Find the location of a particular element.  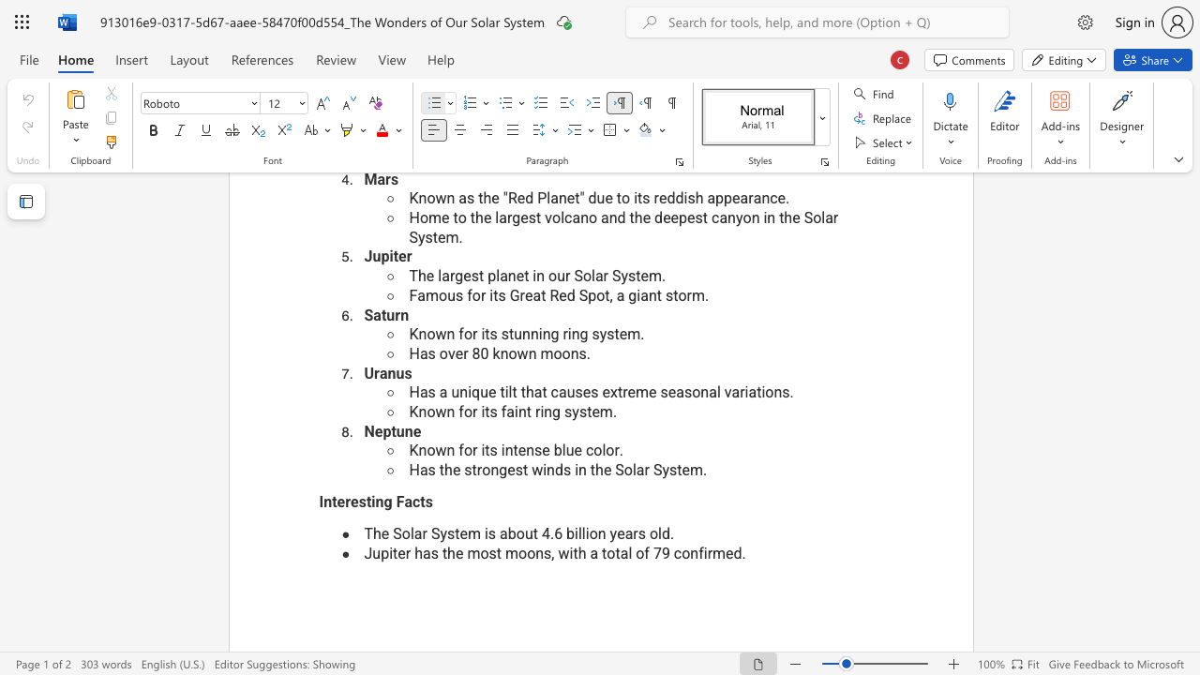

the space between the continuous character "t" and "e" in the text is located at coordinates (337, 501).